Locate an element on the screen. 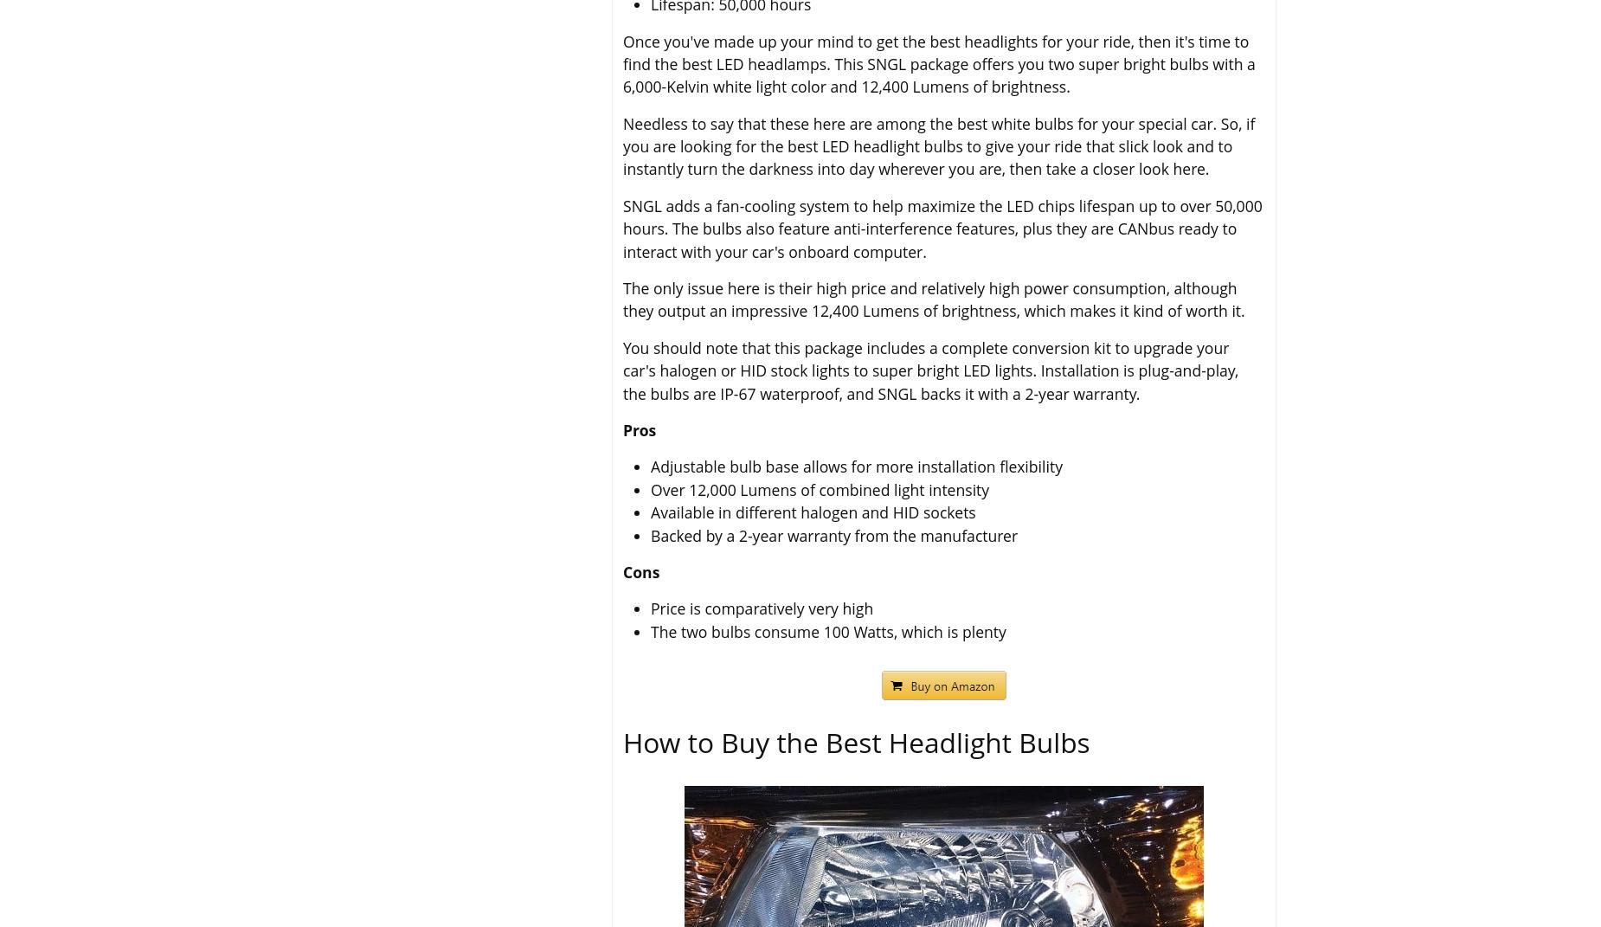 The width and height of the screenshot is (1601, 927). 'Cons' is located at coordinates (640, 570).